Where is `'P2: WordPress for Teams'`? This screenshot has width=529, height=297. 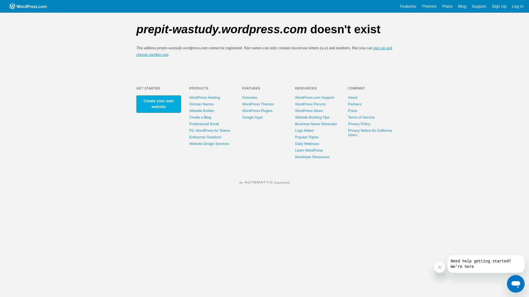
'P2: WordPress for Teams' is located at coordinates (209, 130).